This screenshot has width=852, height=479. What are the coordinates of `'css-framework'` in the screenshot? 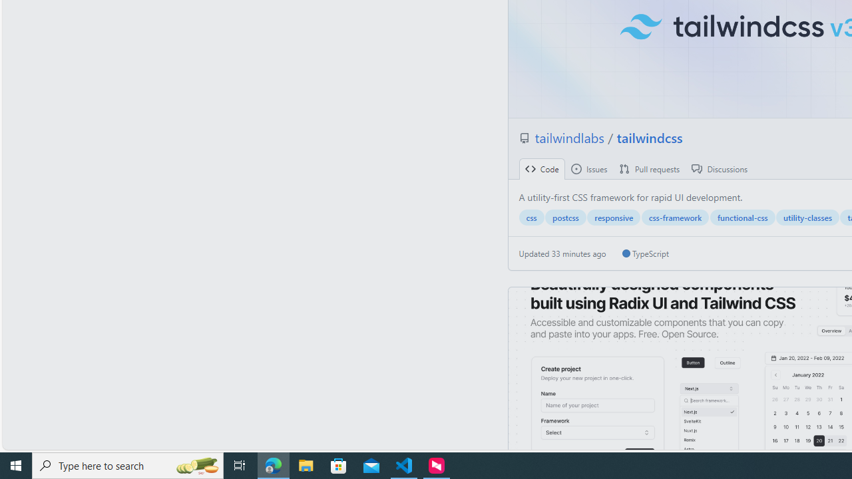 It's located at (675, 217).